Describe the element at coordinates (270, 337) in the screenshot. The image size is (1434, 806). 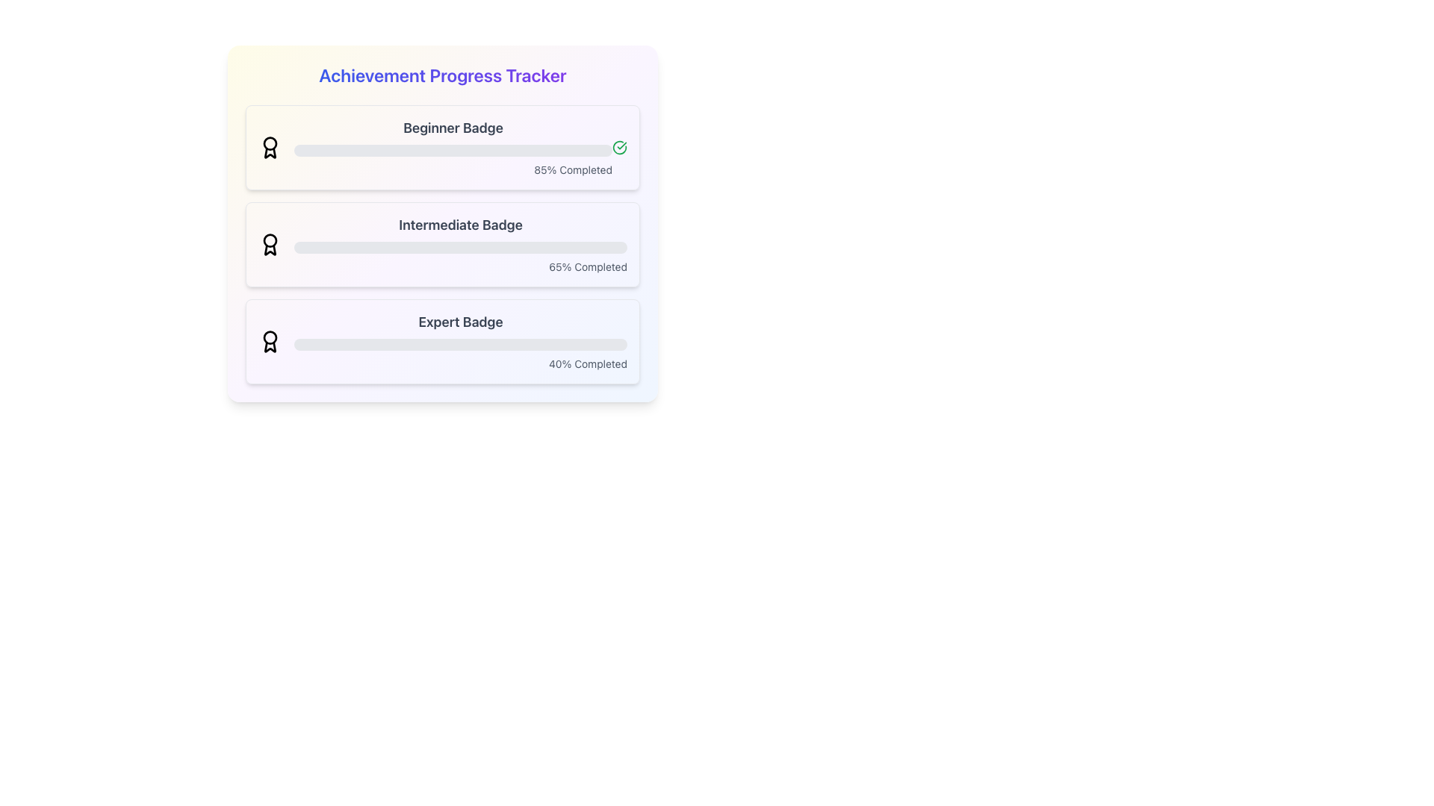
I see `the central circular part of the medal icon within the third row labeled as 'Expert Badge' to interact with it` at that location.